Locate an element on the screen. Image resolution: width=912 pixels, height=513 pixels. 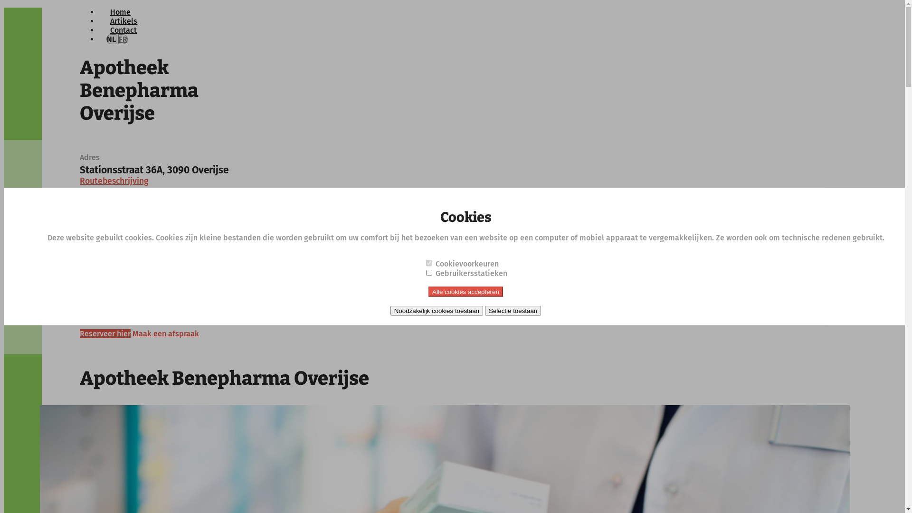
'Routebeschrijving' is located at coordinates (80, 181).